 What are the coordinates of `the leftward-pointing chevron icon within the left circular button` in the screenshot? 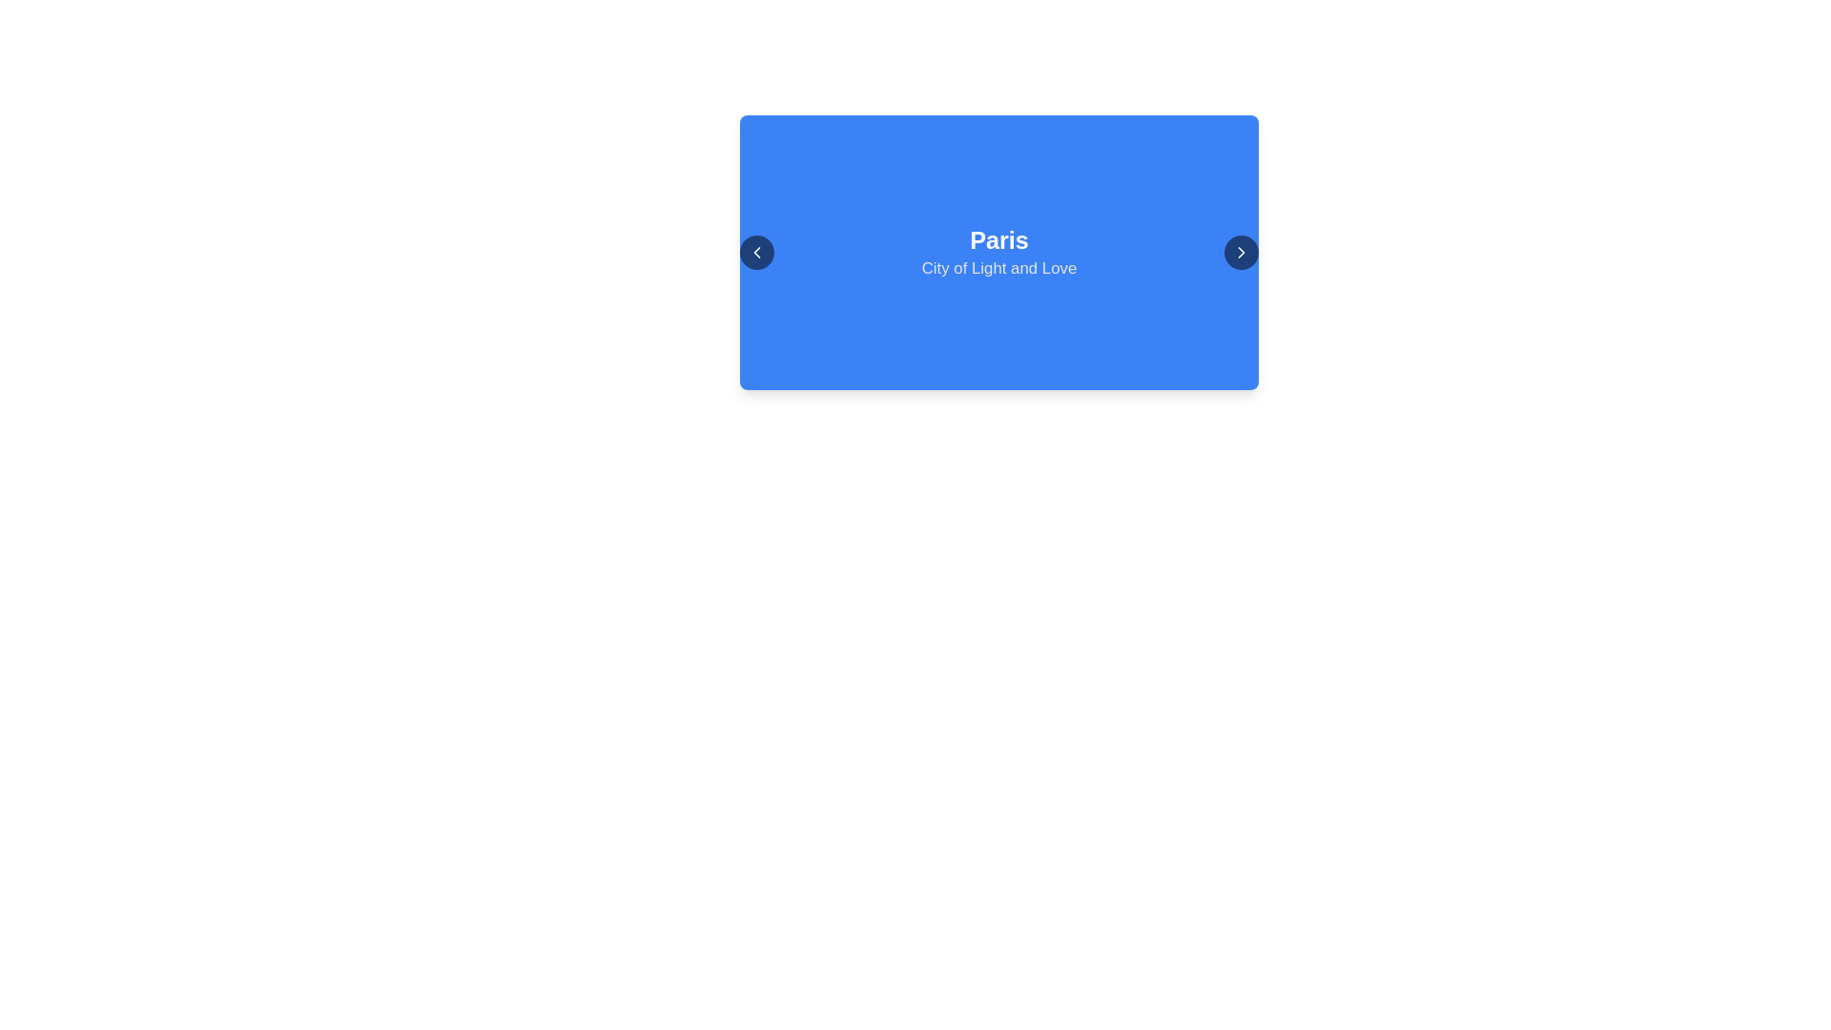 It's located at (755, 252).